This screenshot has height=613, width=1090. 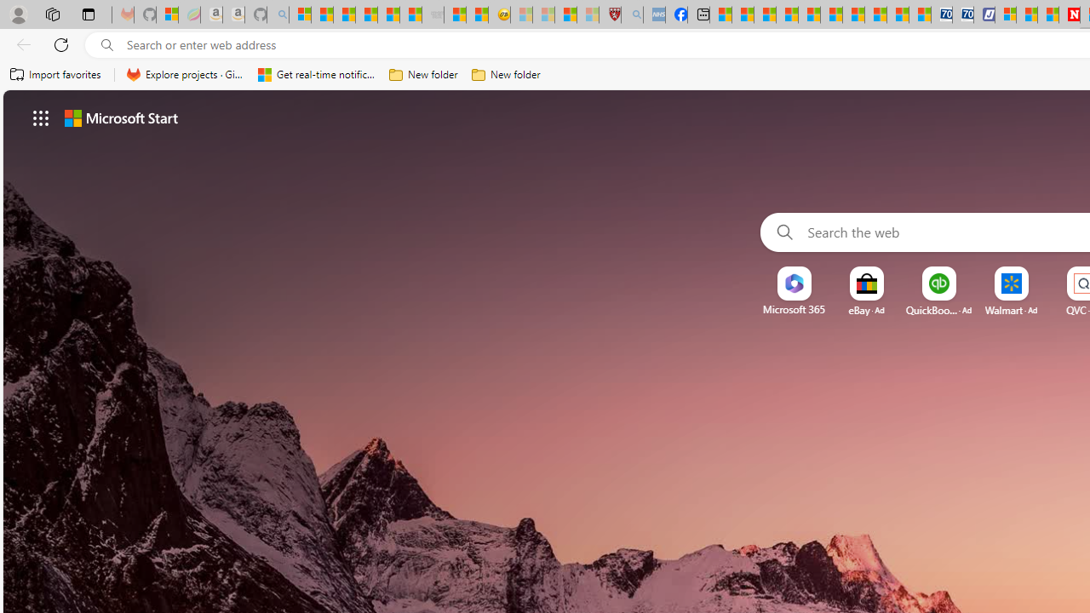 What do you see at coordinates (940, 14) in the screenshot?
I see `'Cheap Car Rentals - Save70.com'` at bounding box center [940, 14].